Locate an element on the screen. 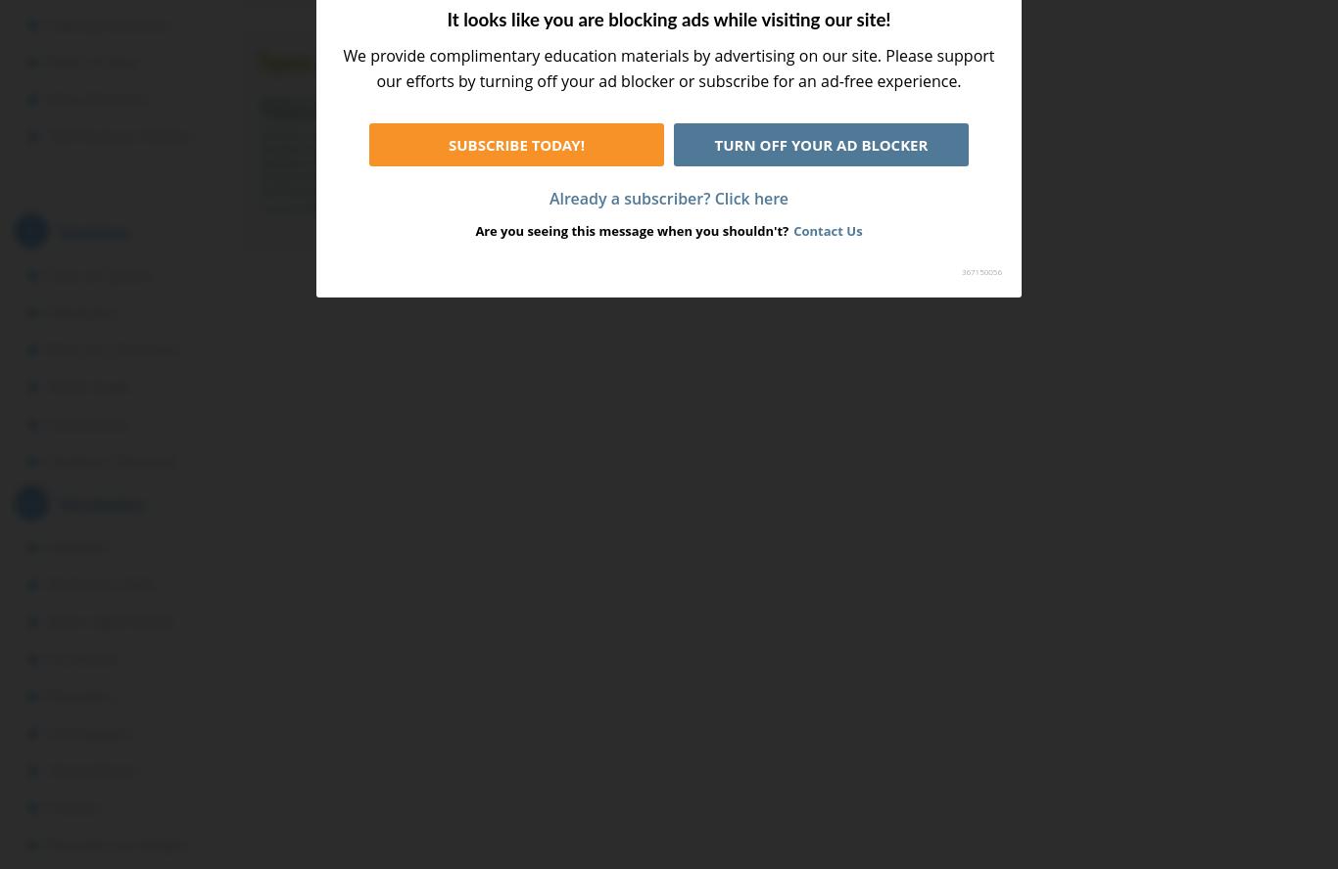 The height and width of the screenshot is (869, 1338). 'Point of View' is located at coordinates (92, 62).